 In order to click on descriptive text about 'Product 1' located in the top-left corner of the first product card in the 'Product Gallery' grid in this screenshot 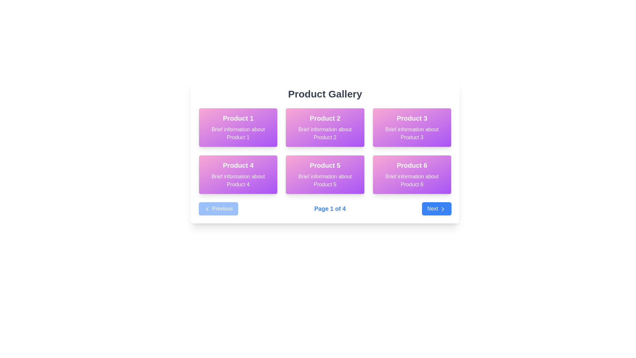, I will do `click(238, 133)`.